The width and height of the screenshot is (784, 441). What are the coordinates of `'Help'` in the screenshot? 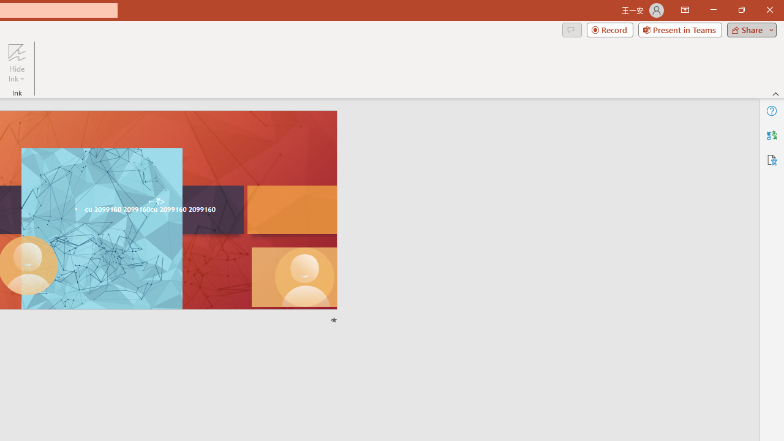 It's located at (771, 111).